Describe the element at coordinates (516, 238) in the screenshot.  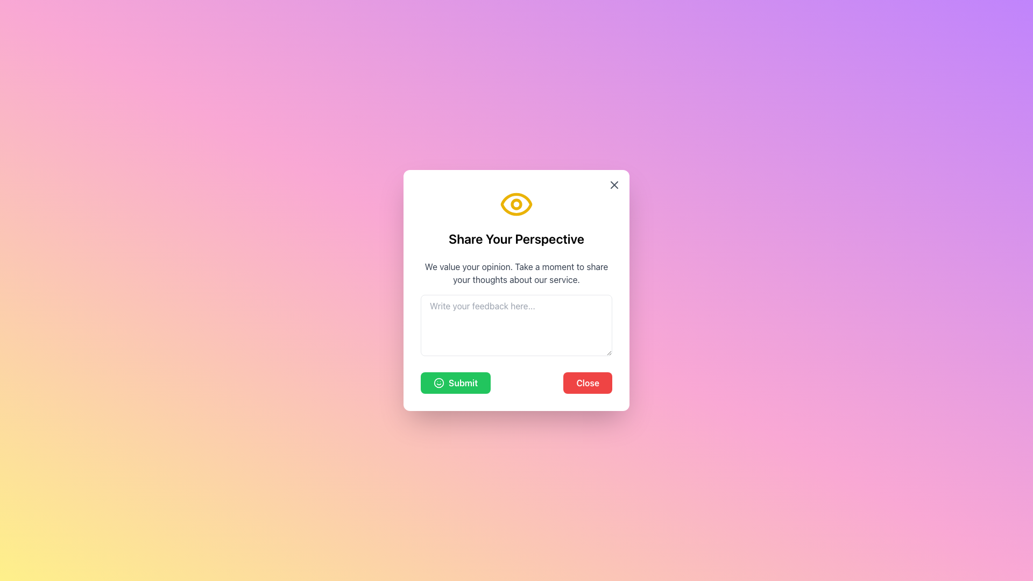
I see `text label that serves as a title or heading for the modal dialog, positioned below an eye icon within the dialog box` at that location.